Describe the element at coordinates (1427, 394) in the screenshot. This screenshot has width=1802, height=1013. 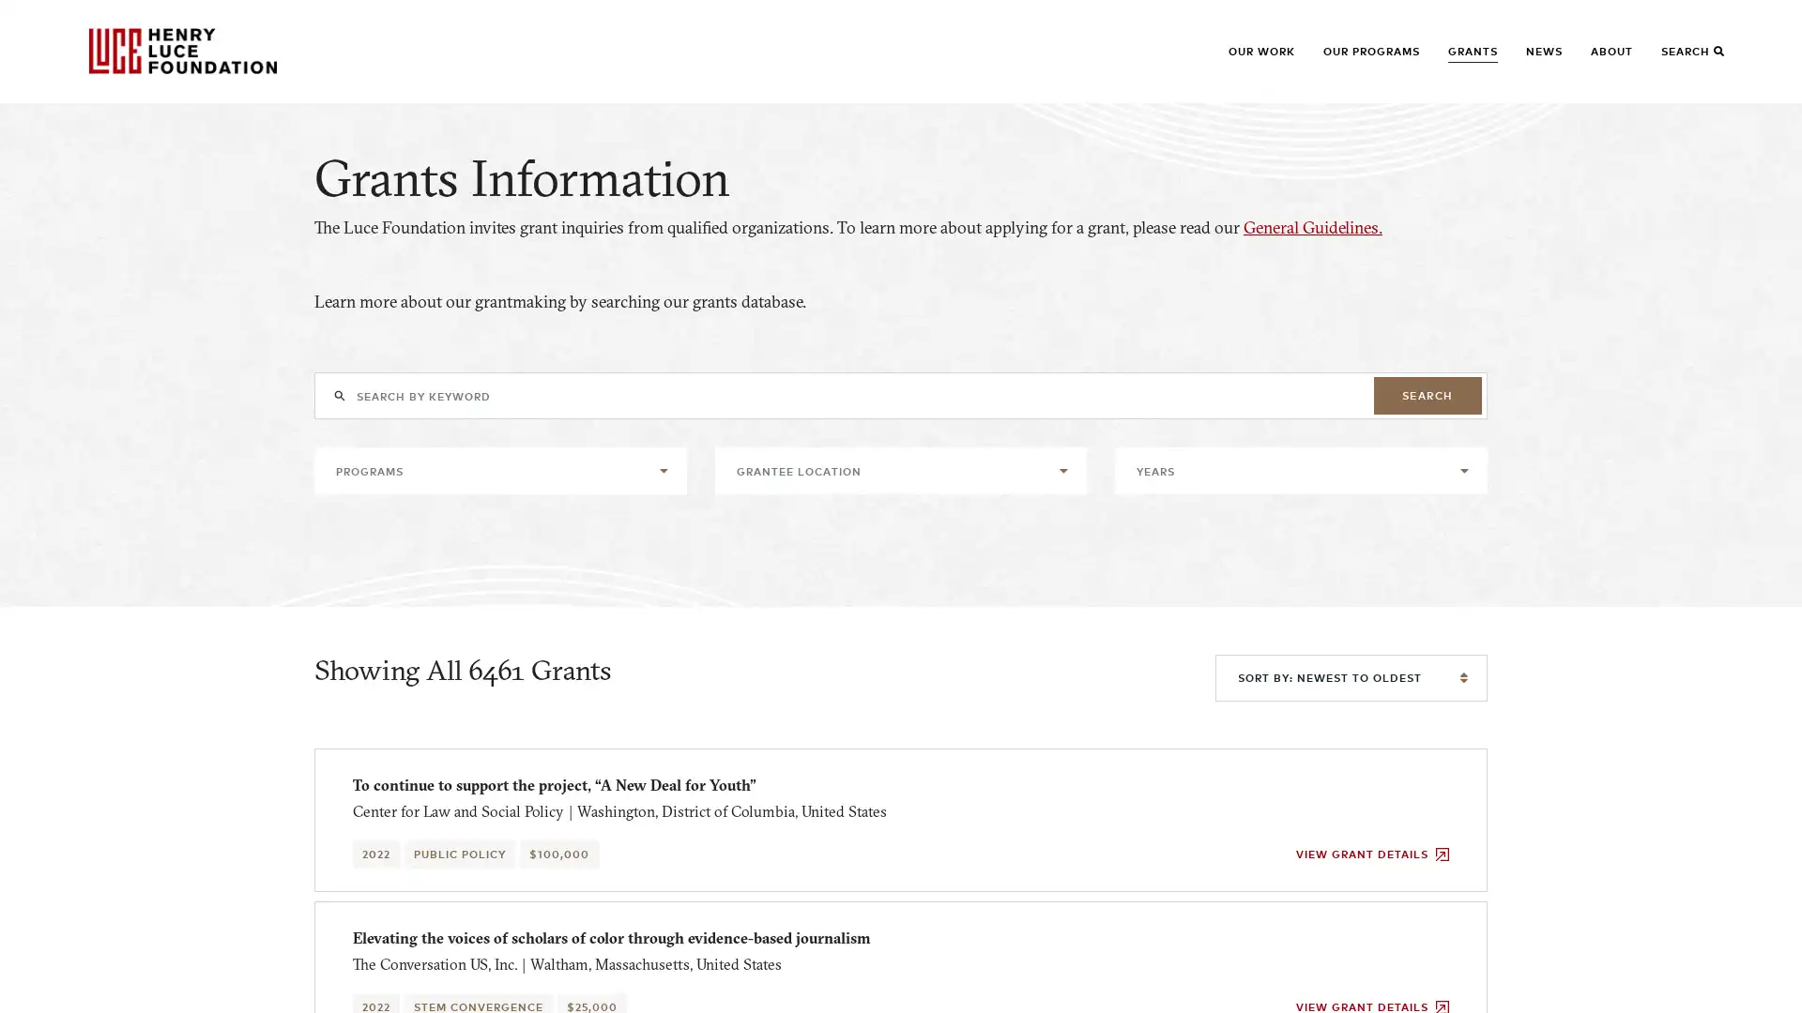
I see `SEARCH` at that location.